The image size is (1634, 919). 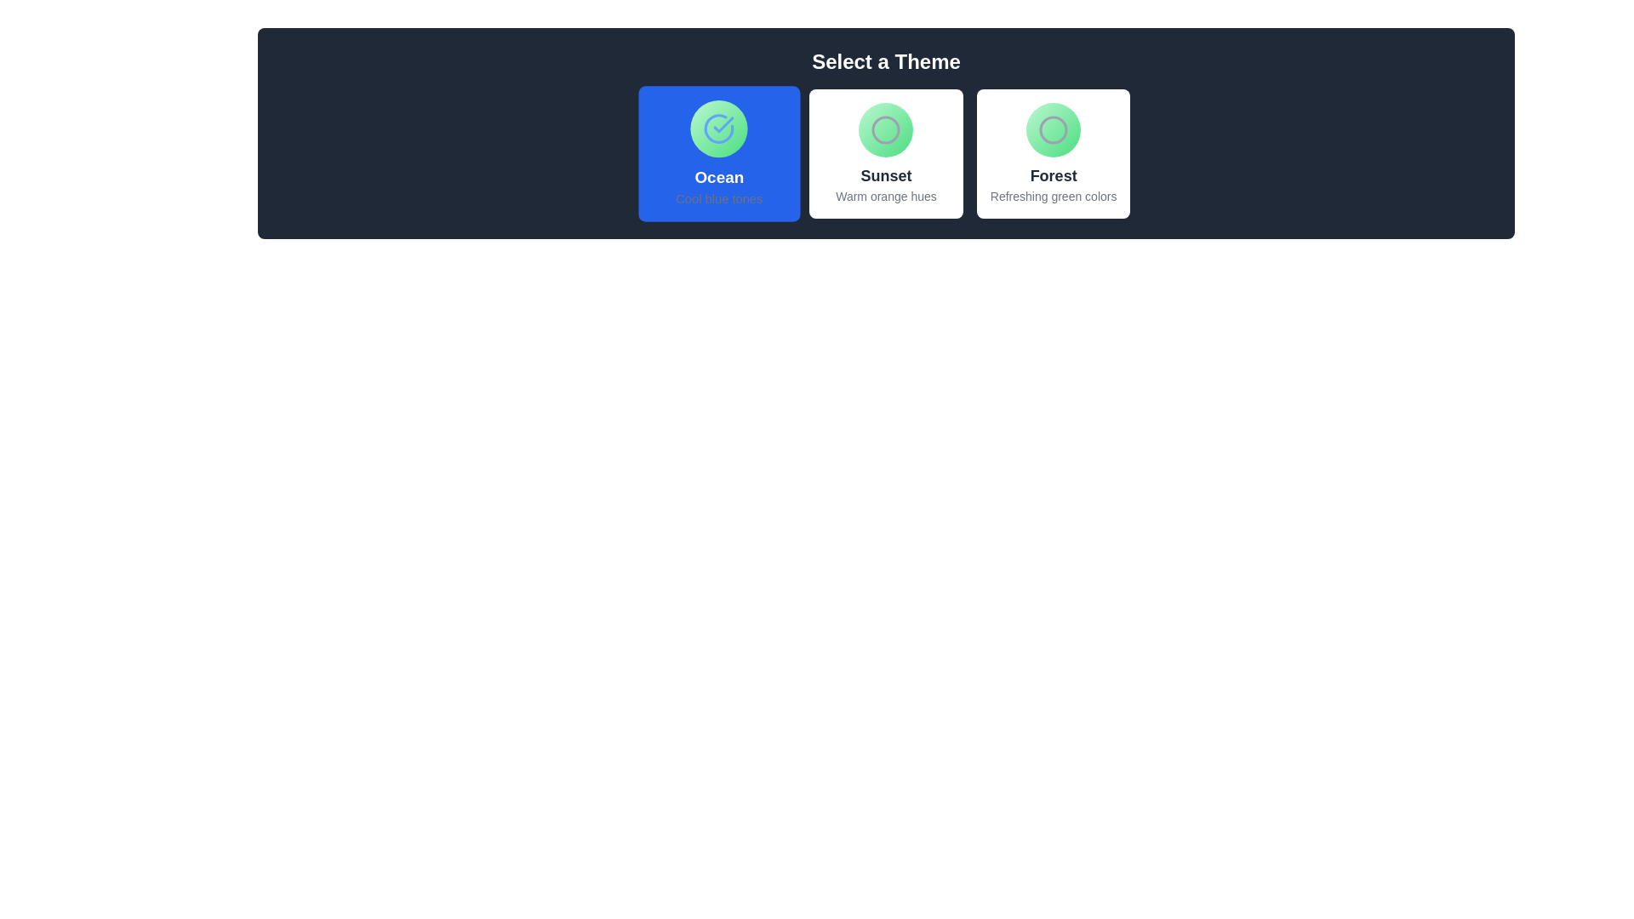 I want to click on the descriptive text label for the option labeled 'Sunset', which is located below the 'Sunset' text label within the center card of the three horizontally aligned option cards, so click(x=885, y=196).